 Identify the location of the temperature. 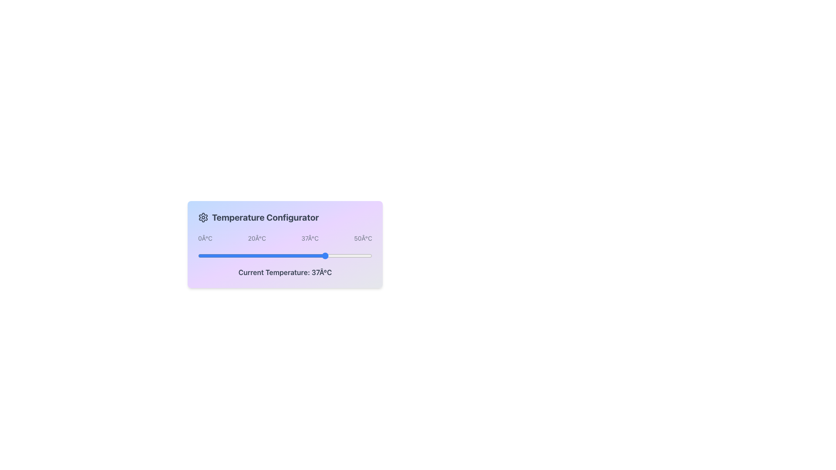
(204, 255).